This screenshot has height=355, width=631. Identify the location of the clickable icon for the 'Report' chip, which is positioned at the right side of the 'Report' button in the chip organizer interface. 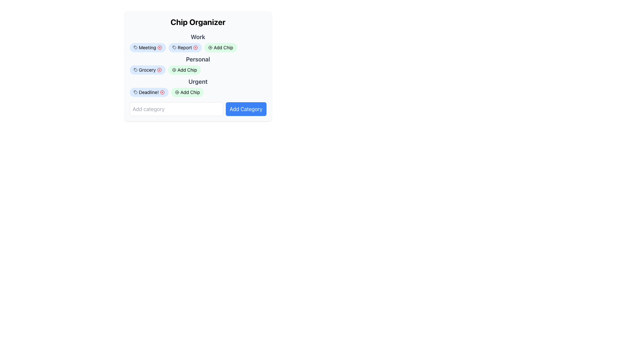
(195, 47).